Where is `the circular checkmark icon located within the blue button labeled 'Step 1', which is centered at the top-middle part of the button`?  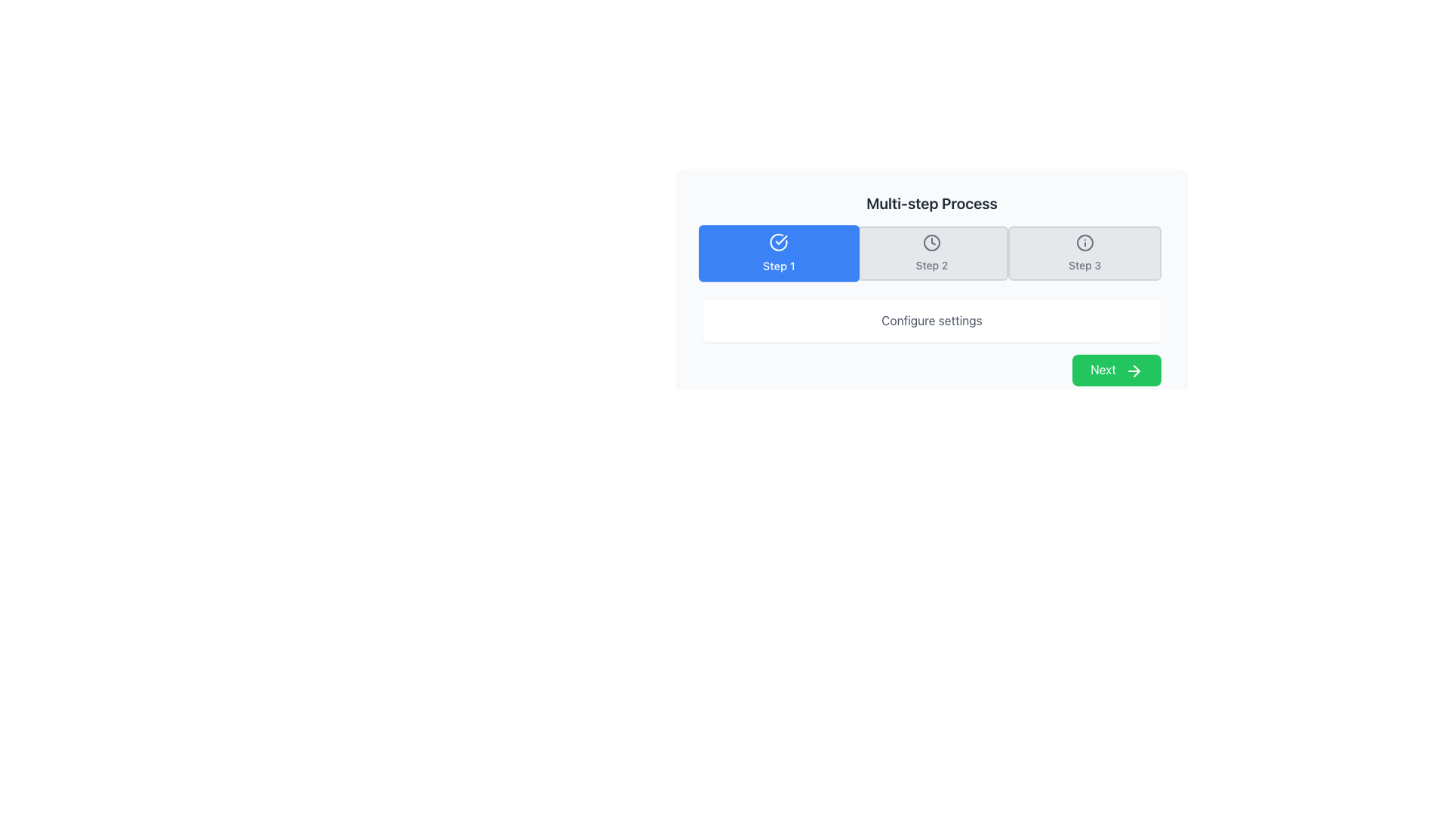
the circular checkmark icon located within the blue button labeled 'Step 1', which is centered at the top-middle part of the button is located at coordinates (779, 241).